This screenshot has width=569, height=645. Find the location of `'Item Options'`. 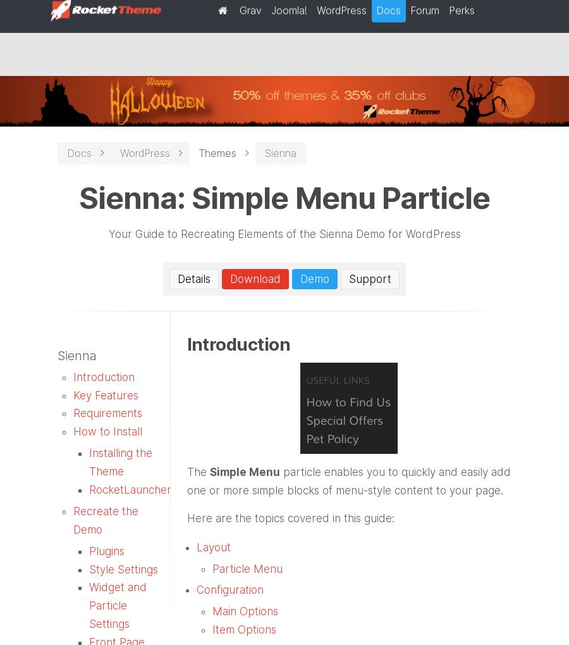

'Item Options' is located at coordinates (243, 629).